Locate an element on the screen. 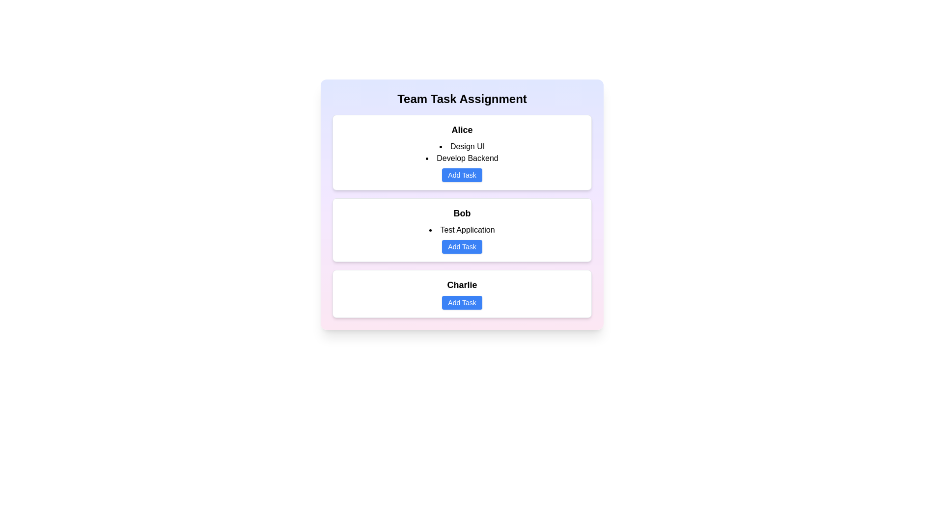  'Add Task' button for Charlie to add a new task is located at coordinates (461, 302).